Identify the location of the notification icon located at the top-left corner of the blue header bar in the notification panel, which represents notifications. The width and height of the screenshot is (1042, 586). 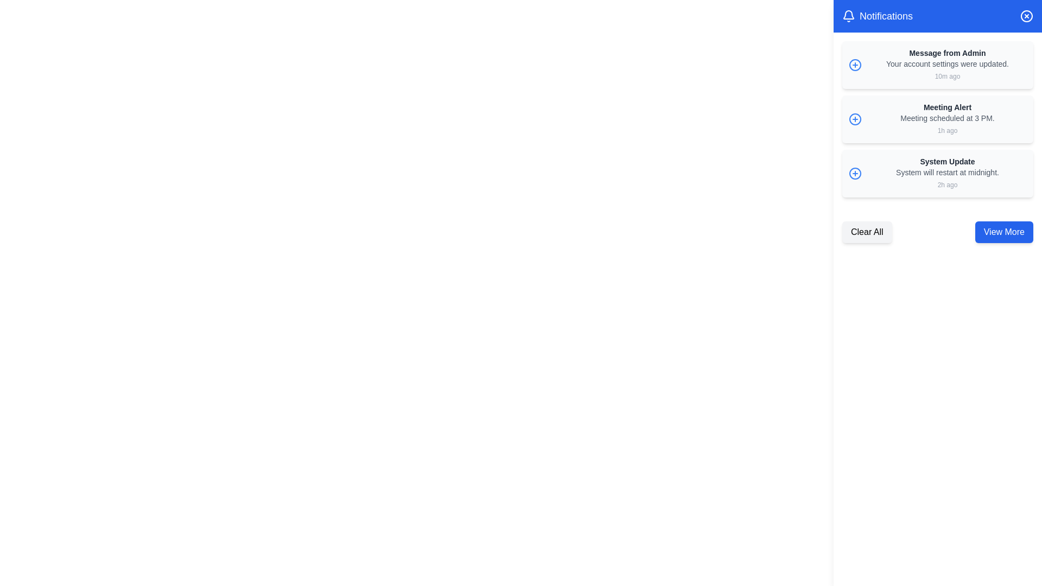
(848, 16).